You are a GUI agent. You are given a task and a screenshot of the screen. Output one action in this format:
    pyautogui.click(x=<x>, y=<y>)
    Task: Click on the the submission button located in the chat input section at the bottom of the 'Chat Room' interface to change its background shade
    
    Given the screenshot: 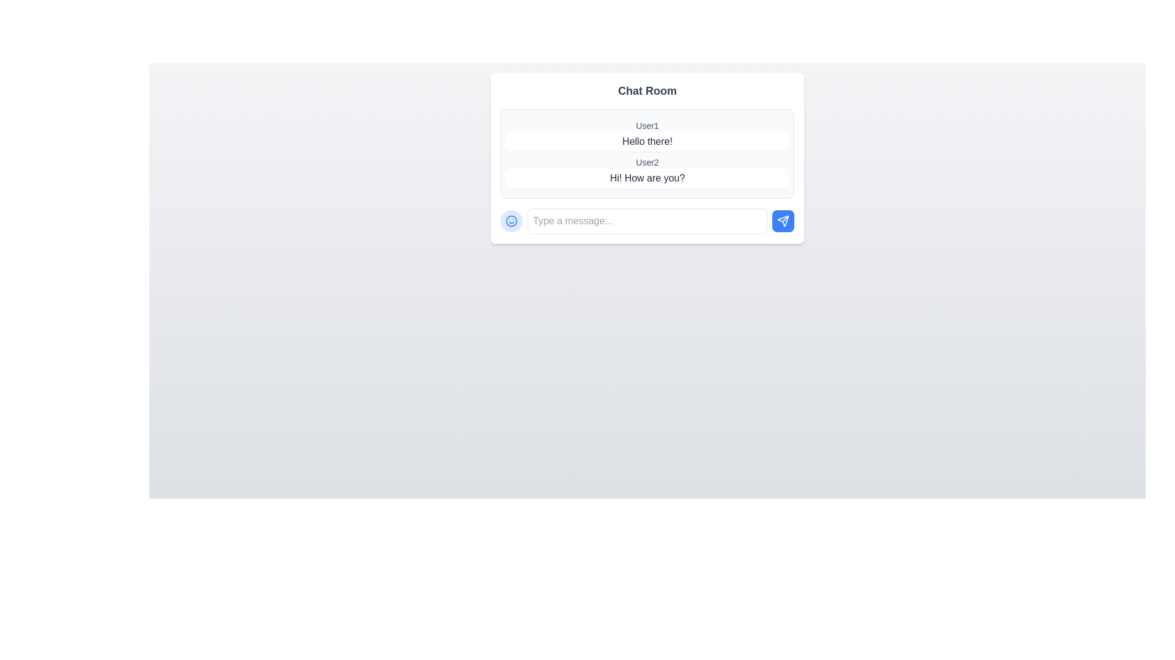 What is the action you would take?
    pyautogui.click(x=783, y=221)
    